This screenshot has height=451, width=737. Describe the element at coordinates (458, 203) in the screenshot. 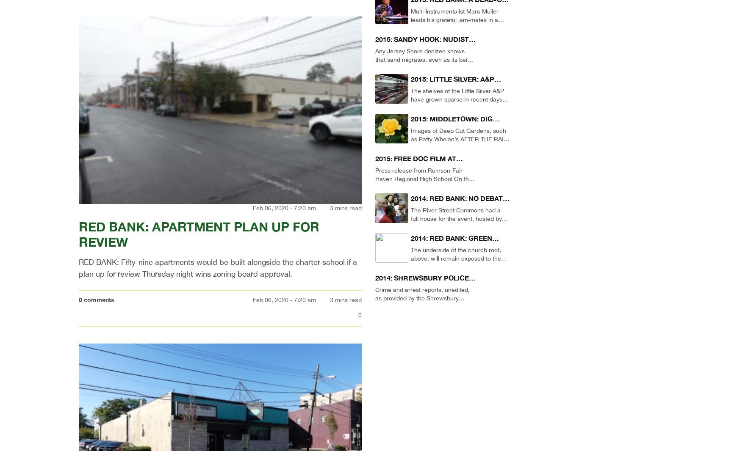

I see `'2014: RED BANK: NO DEBATE AS DEMS ARE NO-SHOWS'` at that location.